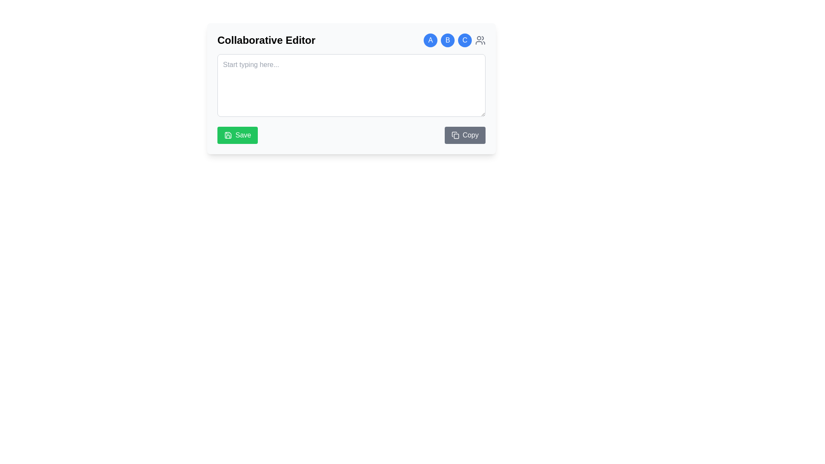  What do you see at coordinates (455, 135) in the screenshot?
I see `the clipboard icon located to the left of the 'Copy' text in the button with a gray background at the bottom-right corner of the input box` at bounding box center [455, 135].